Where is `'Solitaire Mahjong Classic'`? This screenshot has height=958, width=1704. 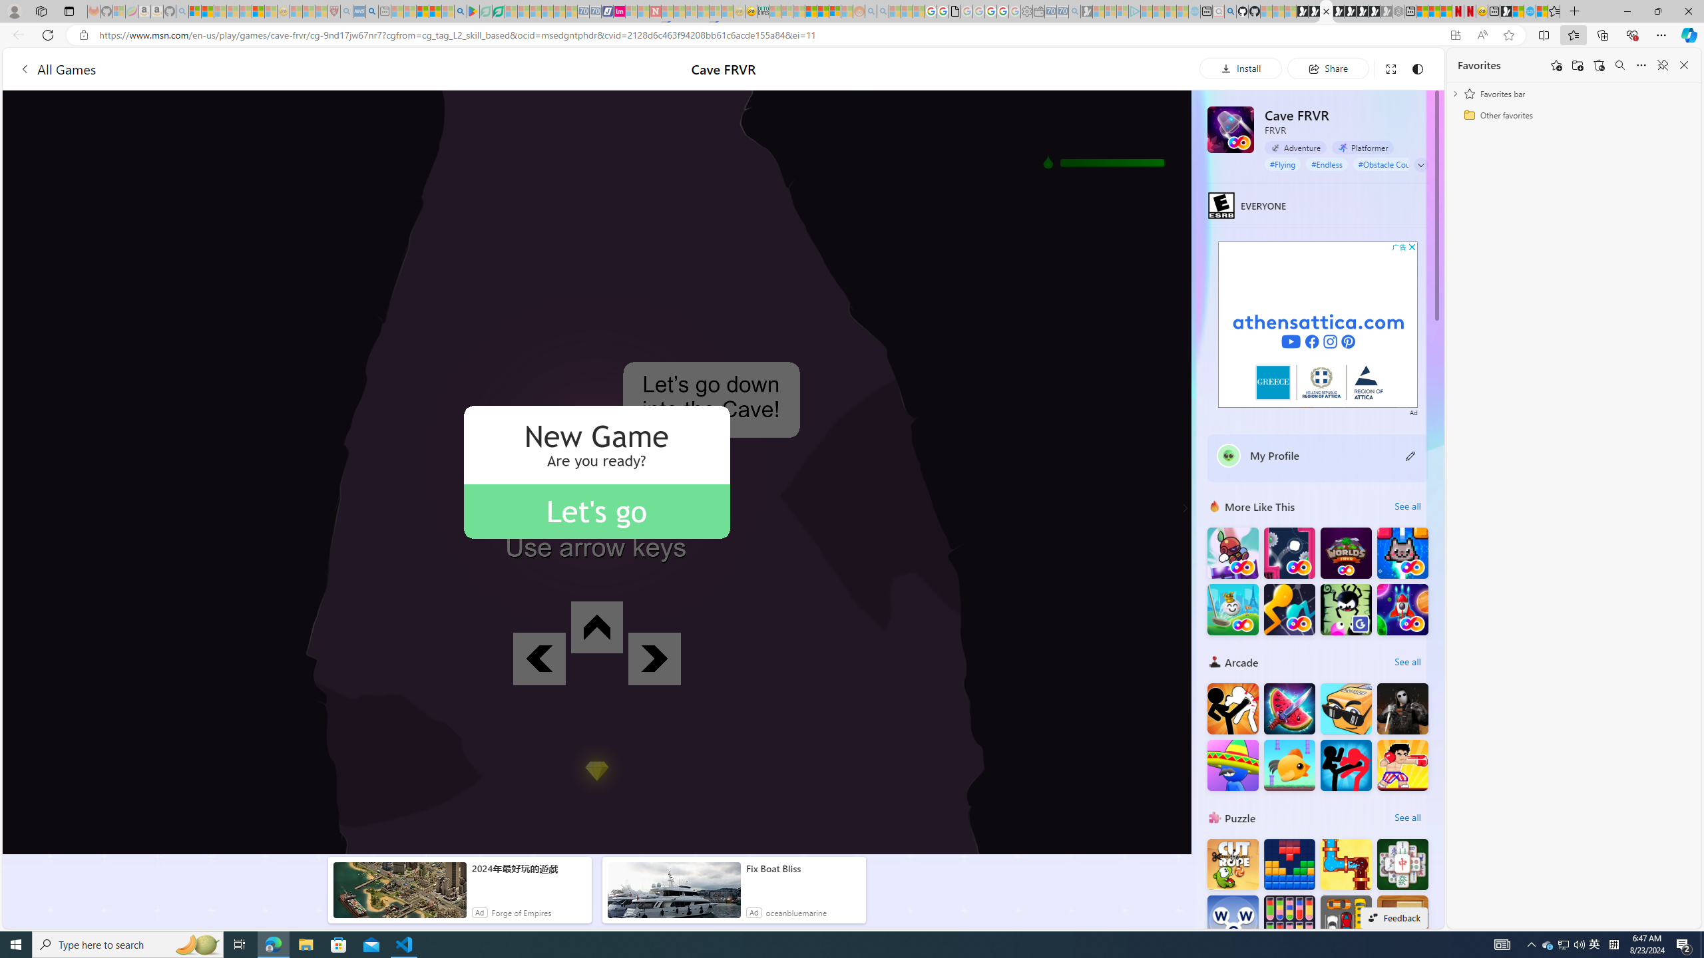
'Solitaire Mahjong Classic' is located at coordinates (1402, 864).